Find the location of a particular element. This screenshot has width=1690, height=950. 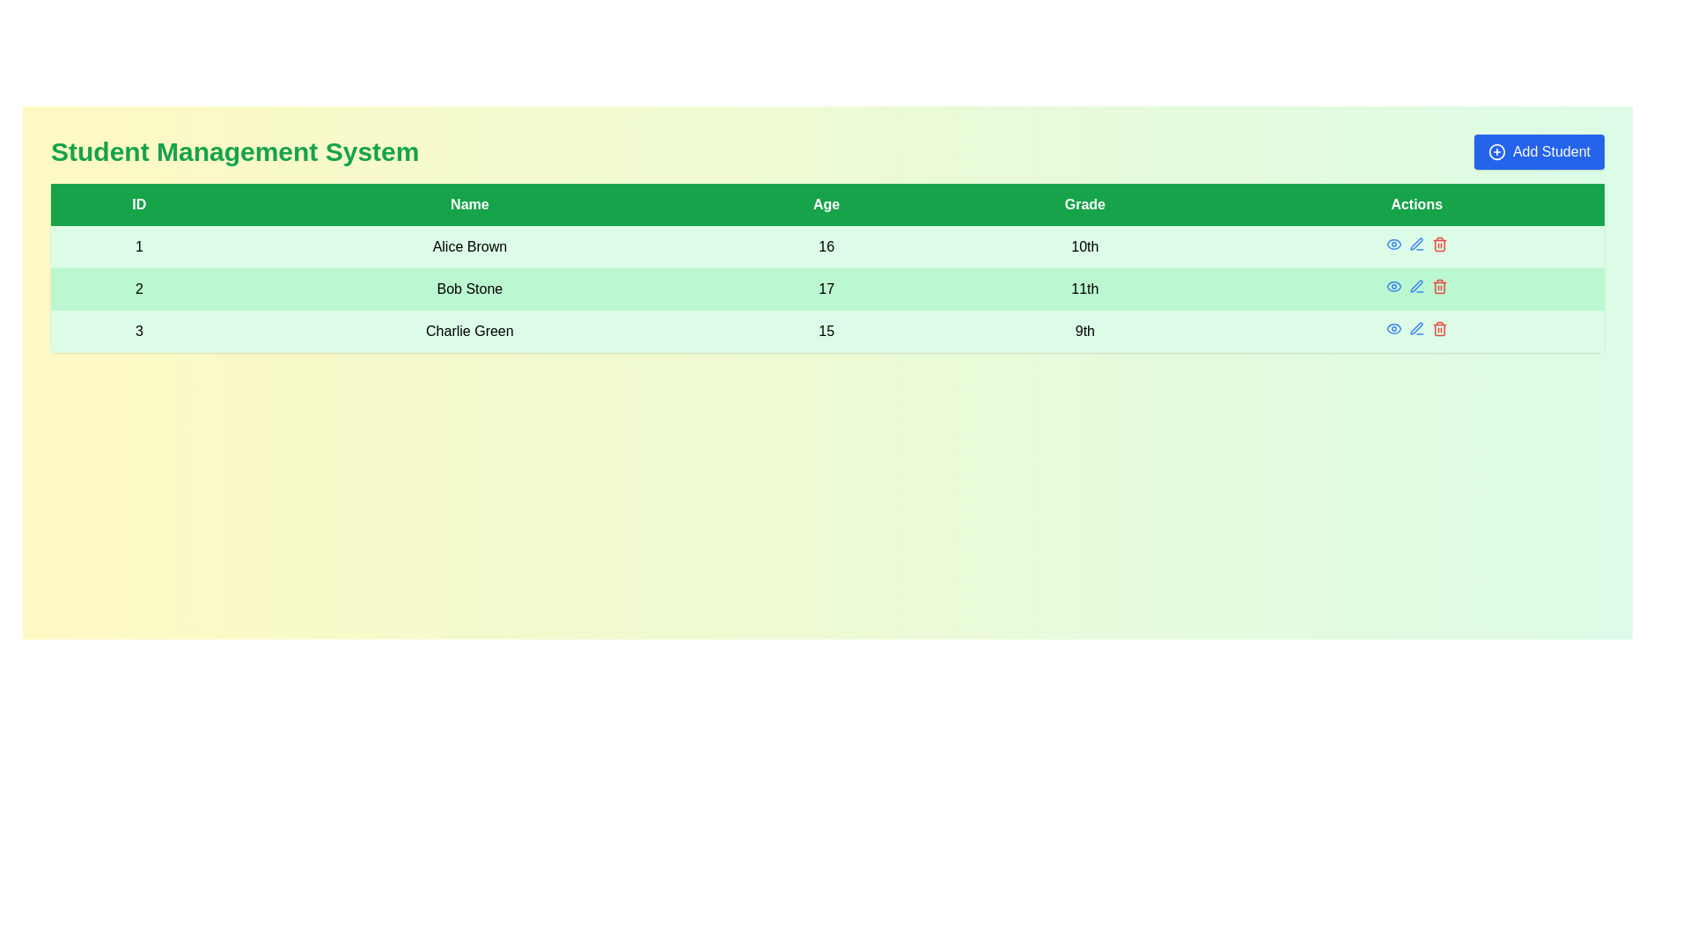

the 'Name' text label in the table header, which has a green background and displays the text 'Name' in white, centered within the cell is located at coordinates (469, 203).